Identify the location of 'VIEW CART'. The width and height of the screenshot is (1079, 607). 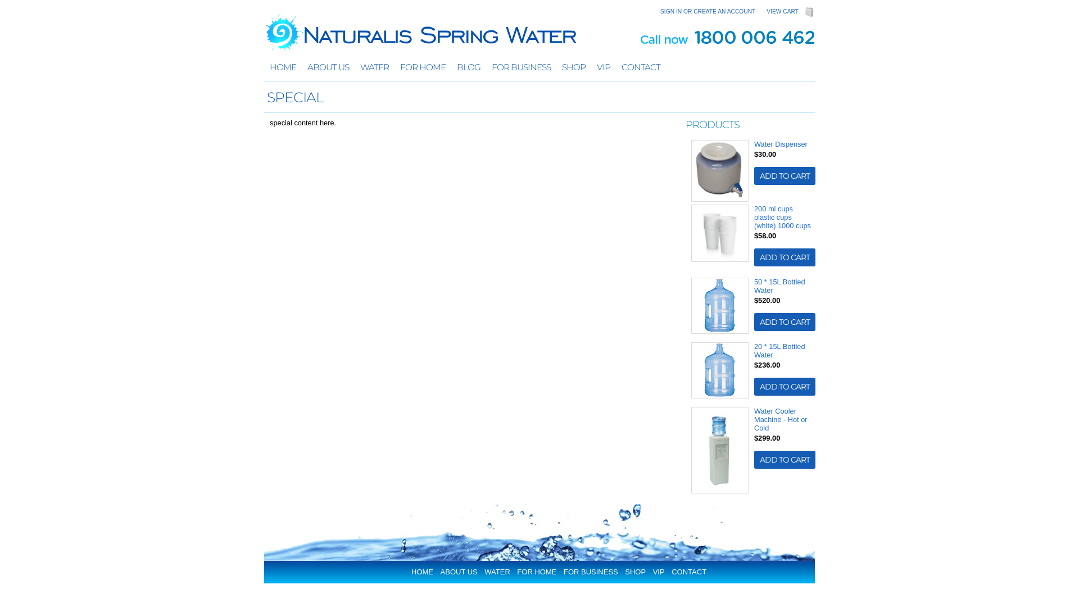
(782, 11).